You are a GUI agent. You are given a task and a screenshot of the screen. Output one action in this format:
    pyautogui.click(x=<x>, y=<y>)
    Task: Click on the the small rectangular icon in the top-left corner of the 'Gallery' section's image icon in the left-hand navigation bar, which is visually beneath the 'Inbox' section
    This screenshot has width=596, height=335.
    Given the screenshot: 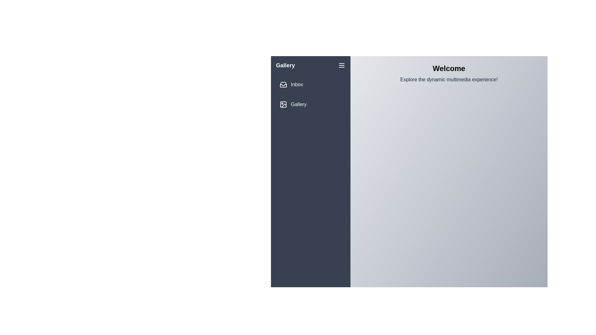 What is the action you would take?
    pyautogui.click(x=283, y=104)
    